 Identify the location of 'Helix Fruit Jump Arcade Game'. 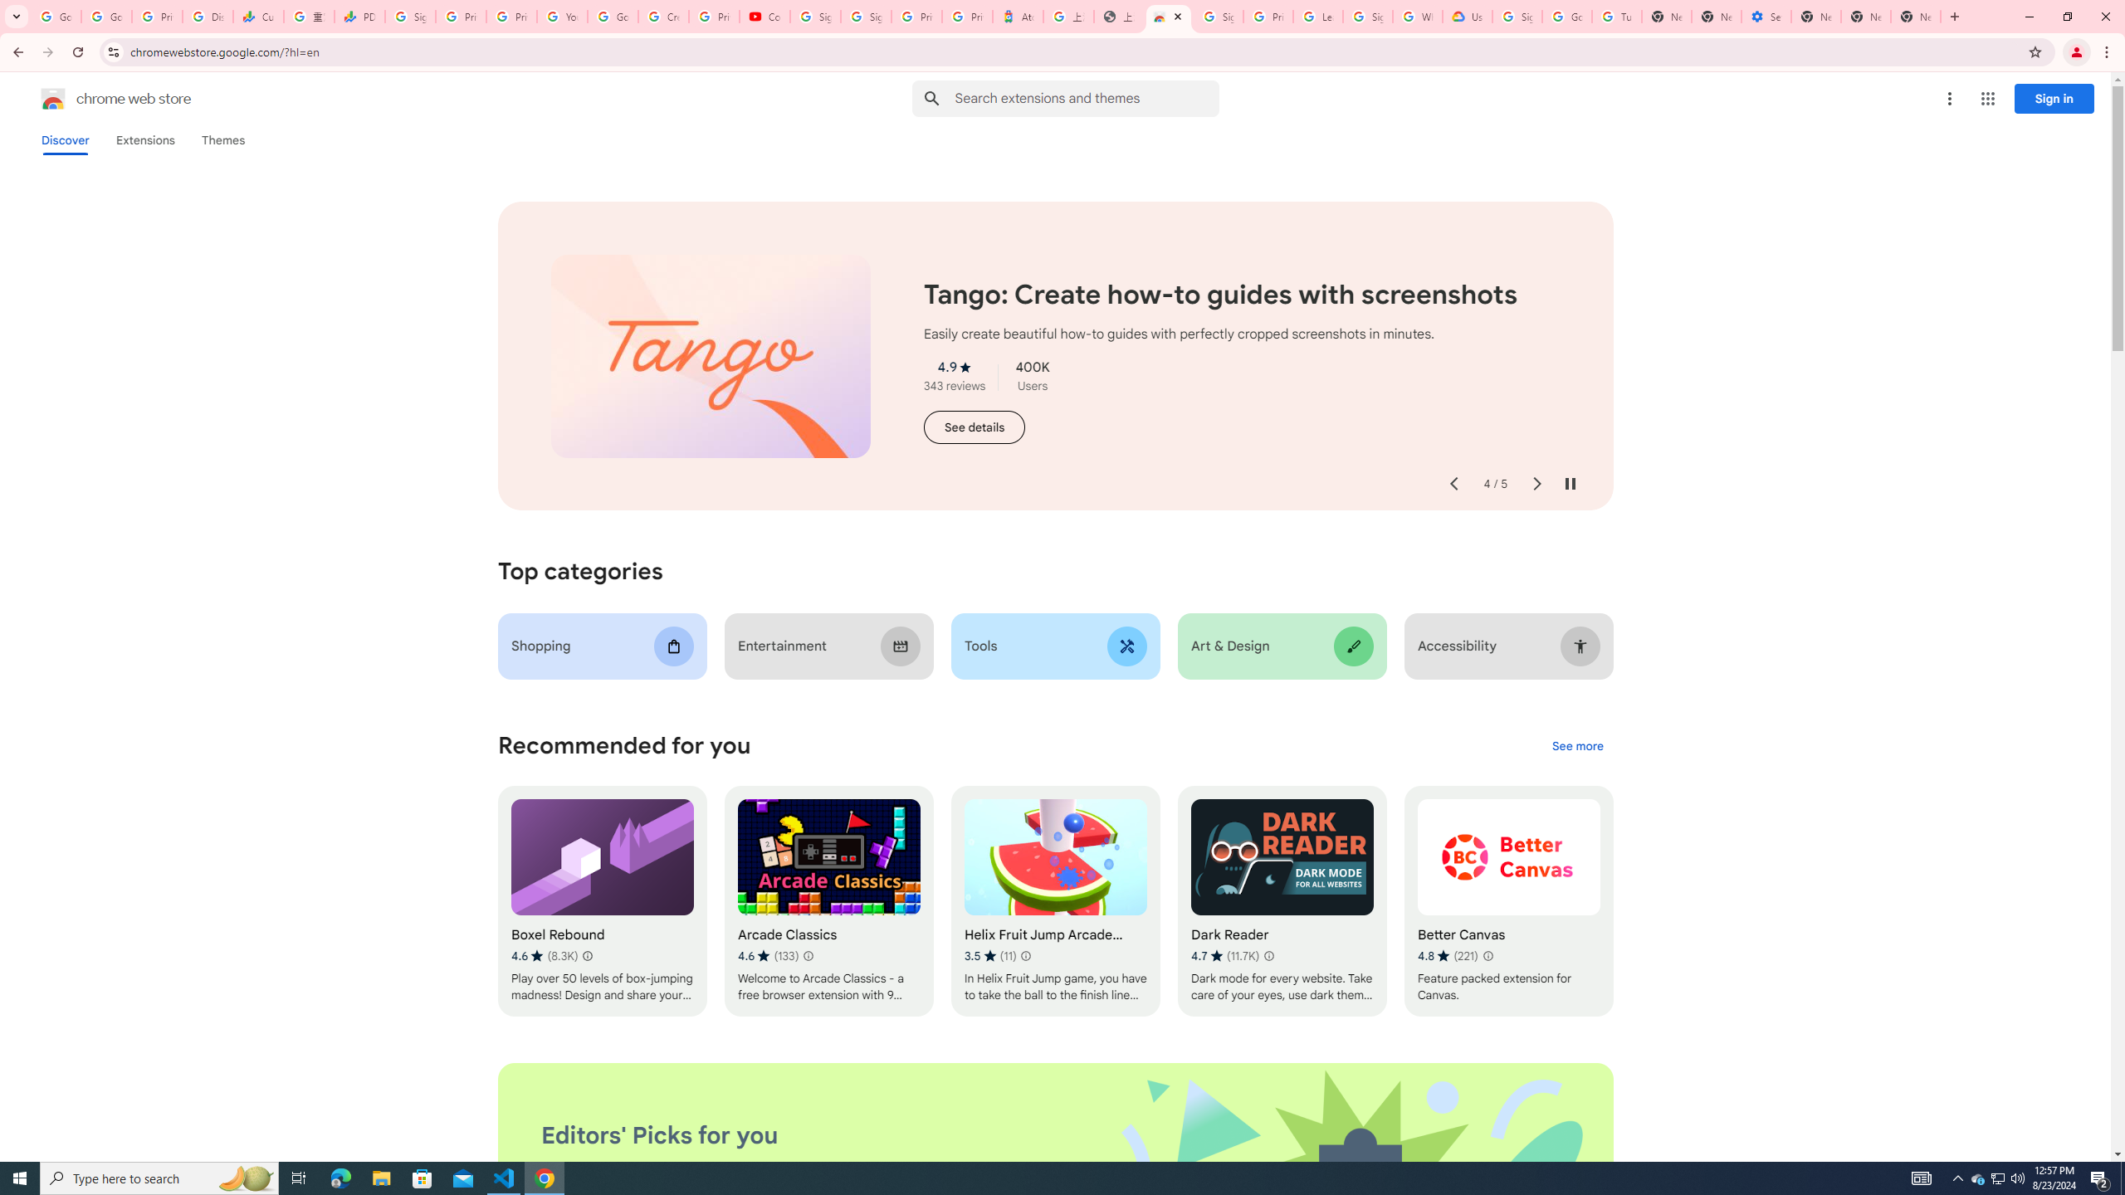
(1055, 900).